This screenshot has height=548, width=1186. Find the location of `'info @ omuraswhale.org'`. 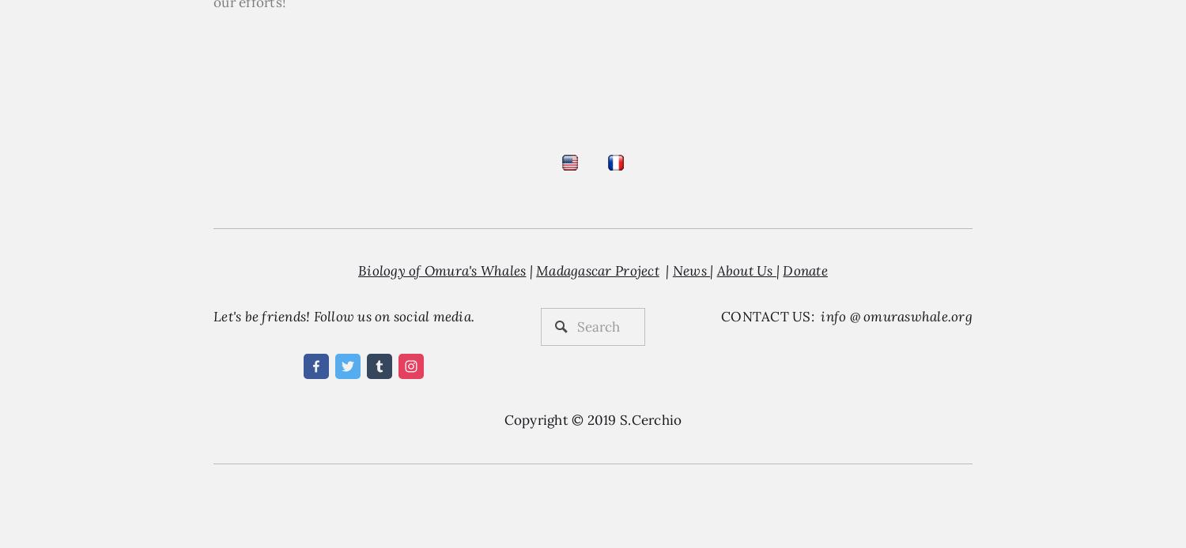

'info @ omuraswhale.org' is located at coordinates (821, 316).